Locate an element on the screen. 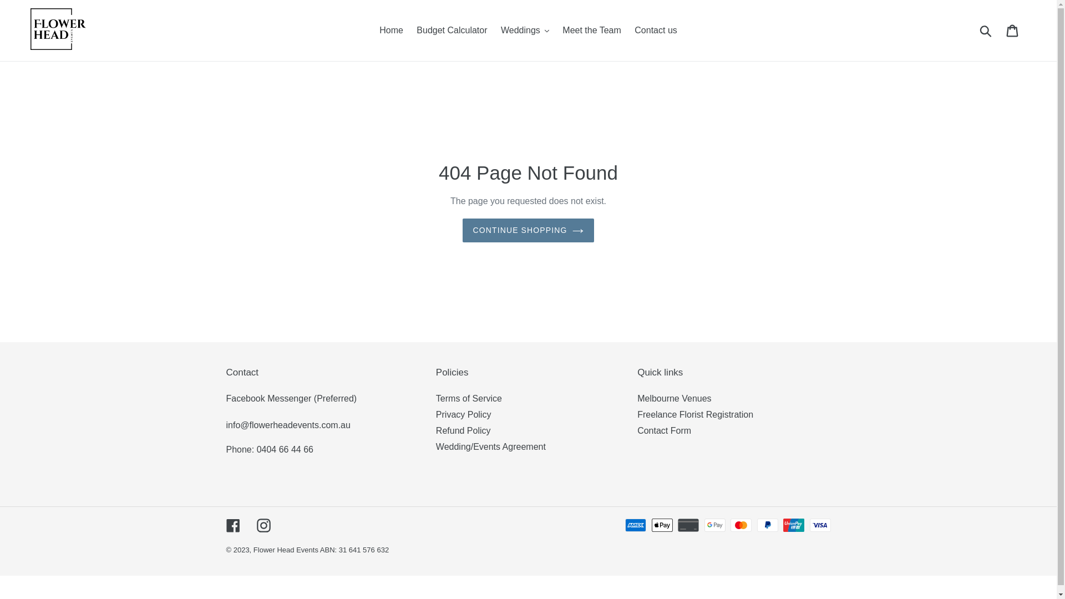  'Flower Head Events' is located at coordinates (287, 550).